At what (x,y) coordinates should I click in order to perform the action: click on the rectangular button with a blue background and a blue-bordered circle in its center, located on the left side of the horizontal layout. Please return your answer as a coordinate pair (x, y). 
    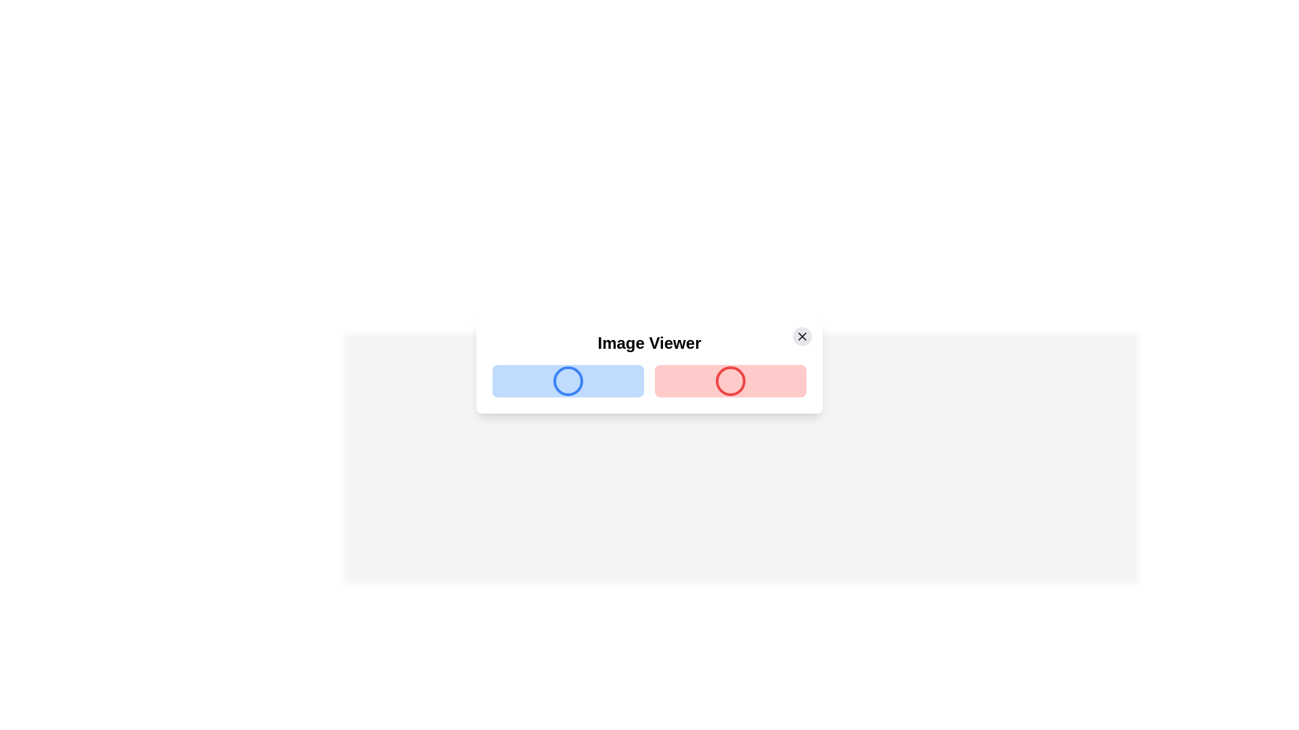
    Looking at the image, I should click on (568, 381).